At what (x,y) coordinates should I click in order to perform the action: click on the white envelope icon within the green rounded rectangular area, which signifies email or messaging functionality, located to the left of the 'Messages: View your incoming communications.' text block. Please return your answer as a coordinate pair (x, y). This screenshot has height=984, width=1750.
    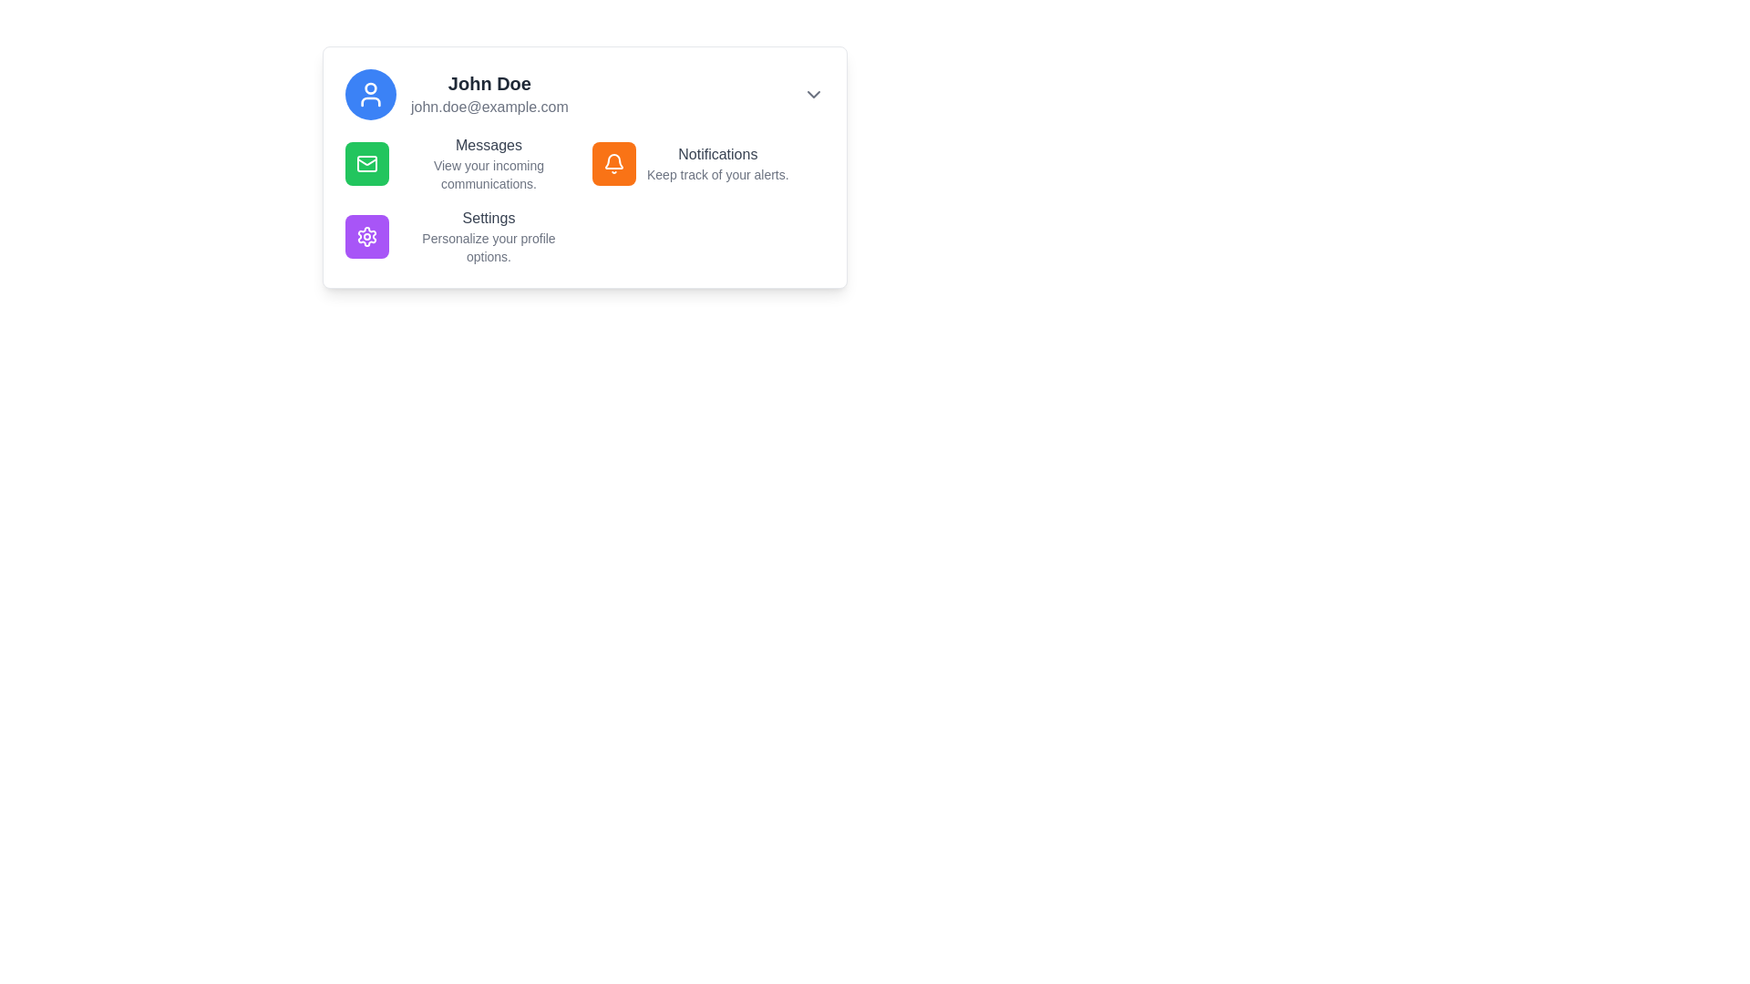
    Looking at the image, I should click on (366, 164).